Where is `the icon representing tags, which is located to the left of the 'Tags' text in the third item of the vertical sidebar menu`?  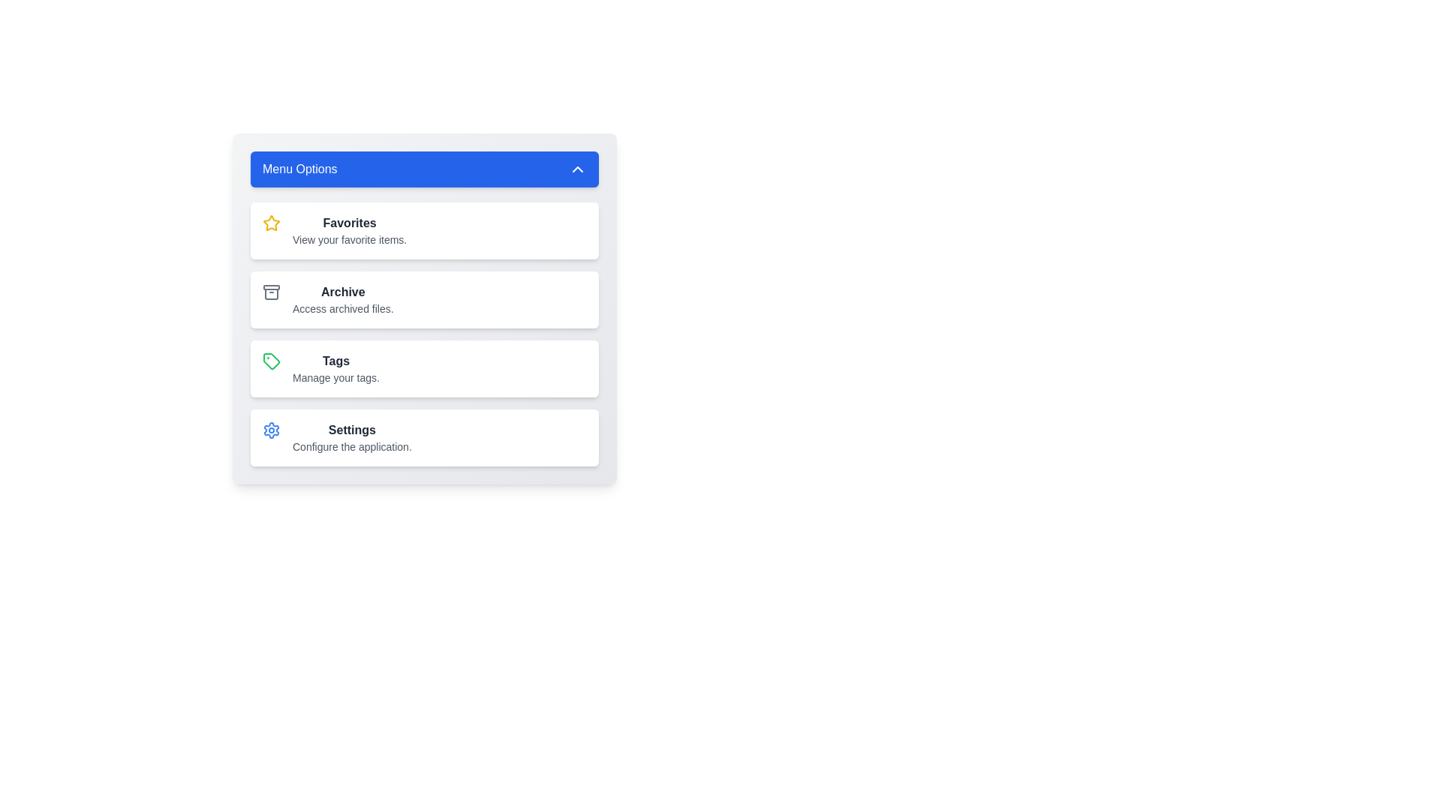 the icon representing tags, which is located to the left of the 'Tags' text in the third item of the vertical sidebar menu is located at coordinates (271, 361).